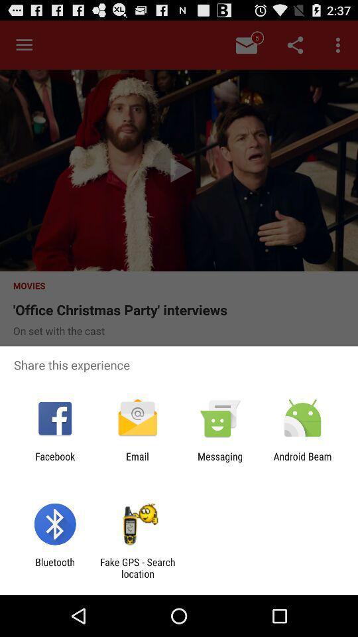 This screenshot has width=358, height=637. What do you see at coordinates (137, 567) in the screenshot?
I see `the icon to the right of bluetooth item` at bounding box center [137, 567].